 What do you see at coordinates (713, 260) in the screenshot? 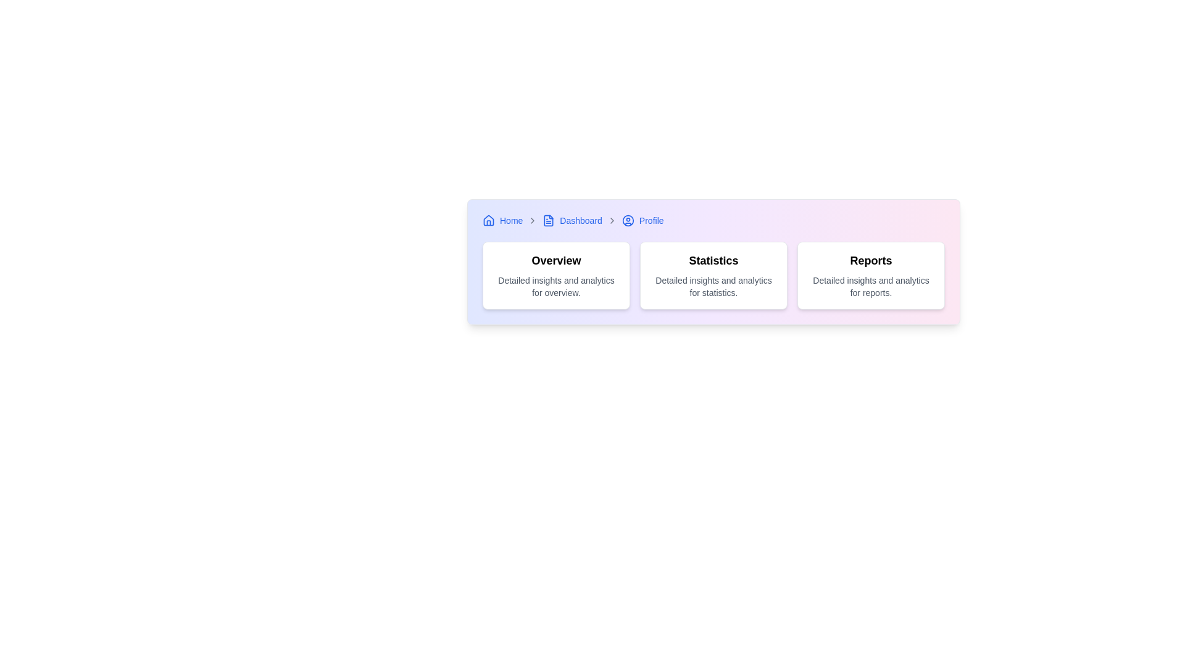
I see `the 'Statistics' text label, which is styled as a bold, black font and located prominently at the top of its card-like structure within the center card of three horizontally aligned cards` at bounding box center [713, 260].